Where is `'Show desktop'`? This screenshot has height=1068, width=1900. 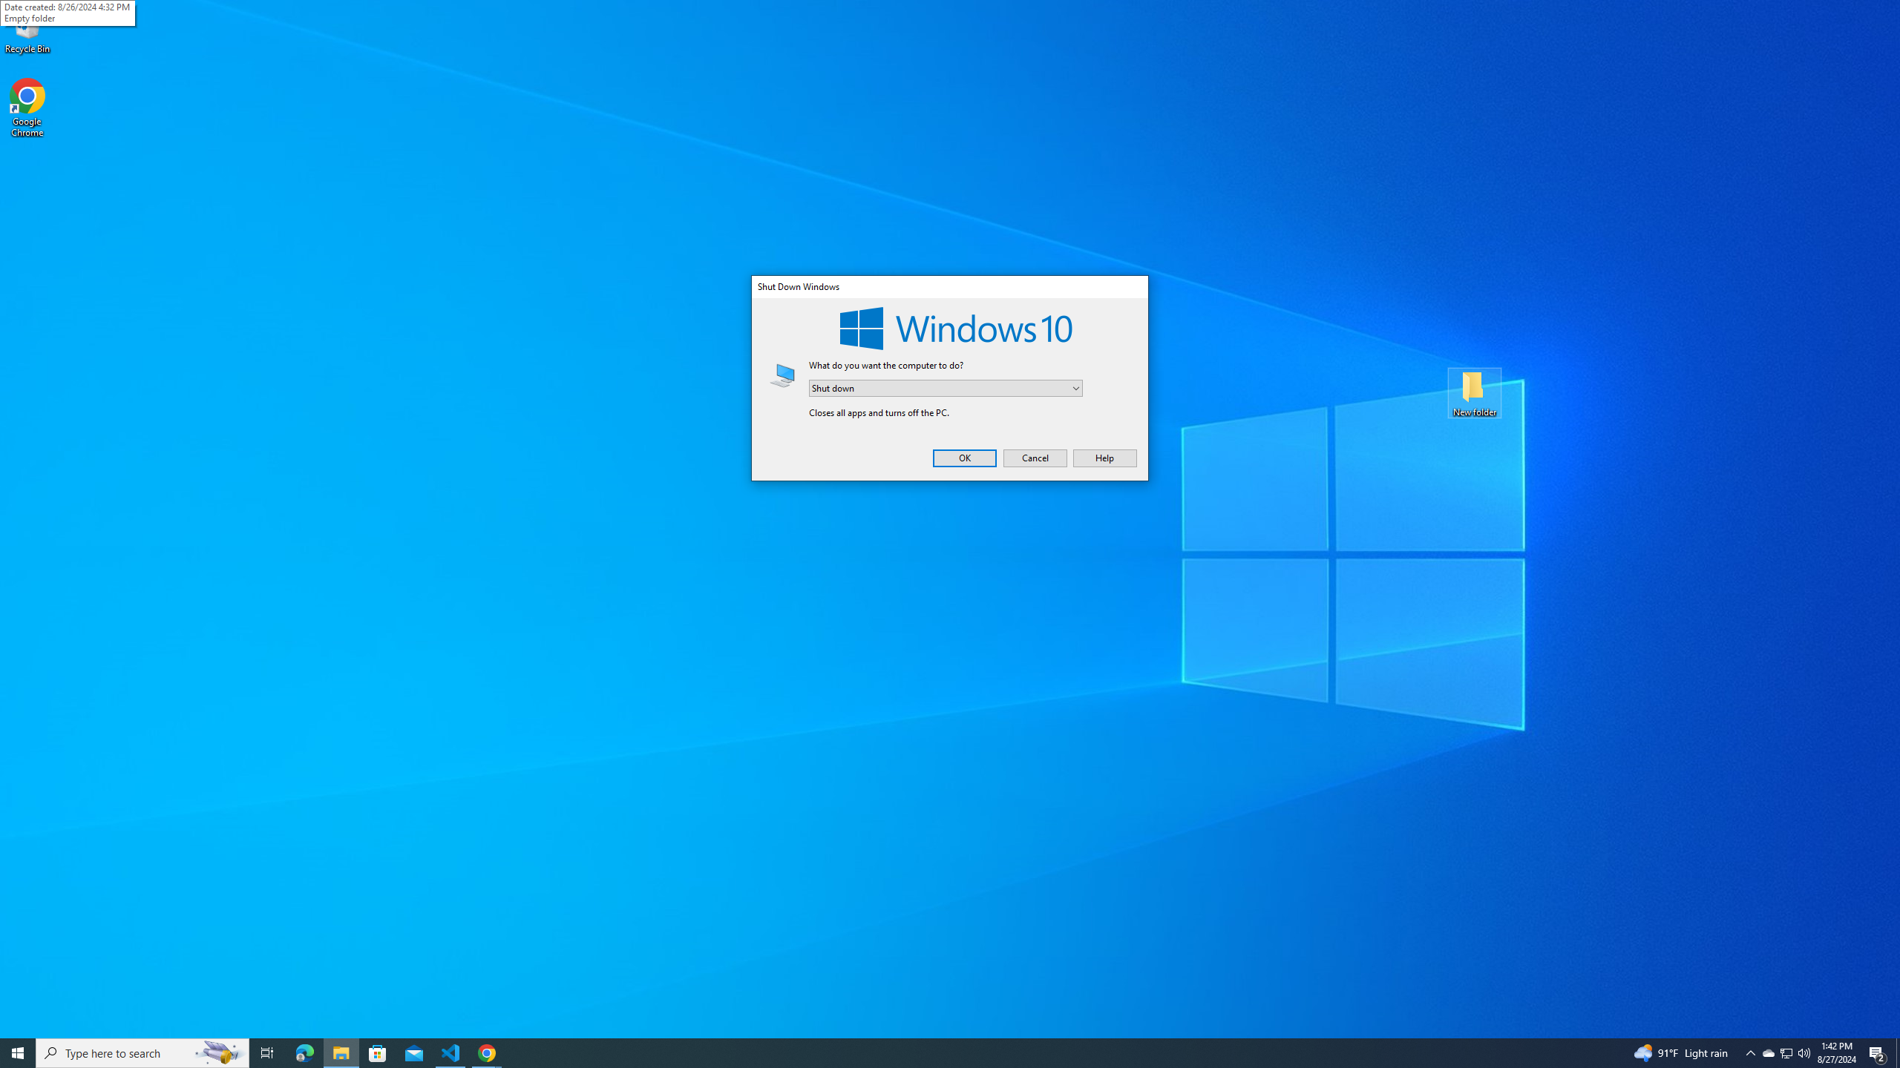
'Show desktop' is located at coordinates (1897, 1052).